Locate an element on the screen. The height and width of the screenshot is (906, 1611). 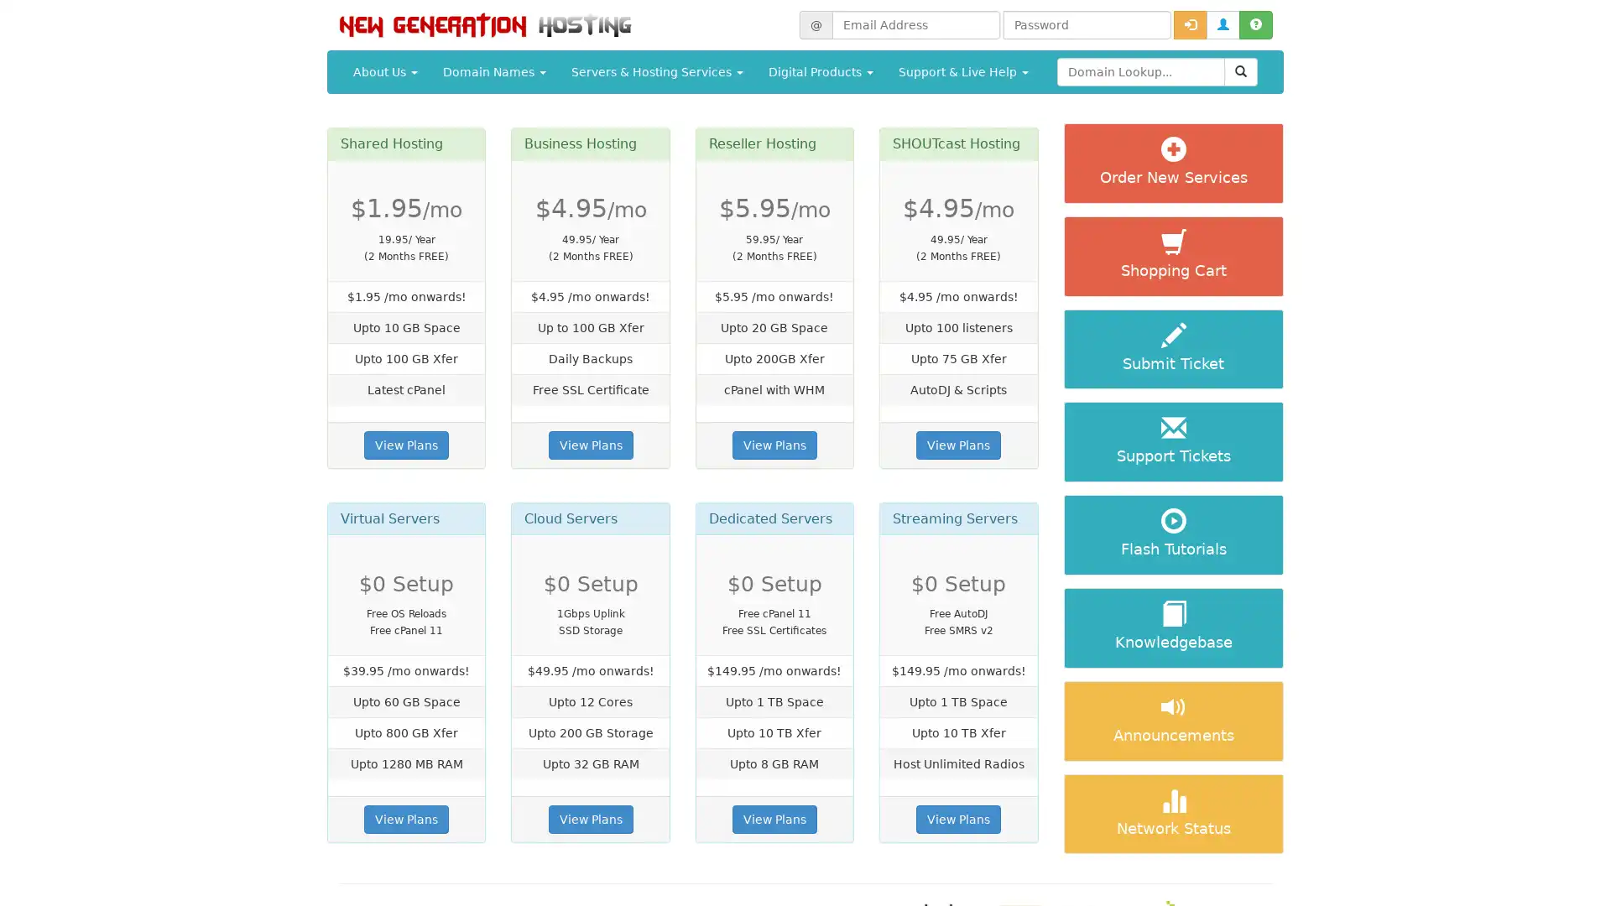
View Plans is located at coordinates (590, 443).